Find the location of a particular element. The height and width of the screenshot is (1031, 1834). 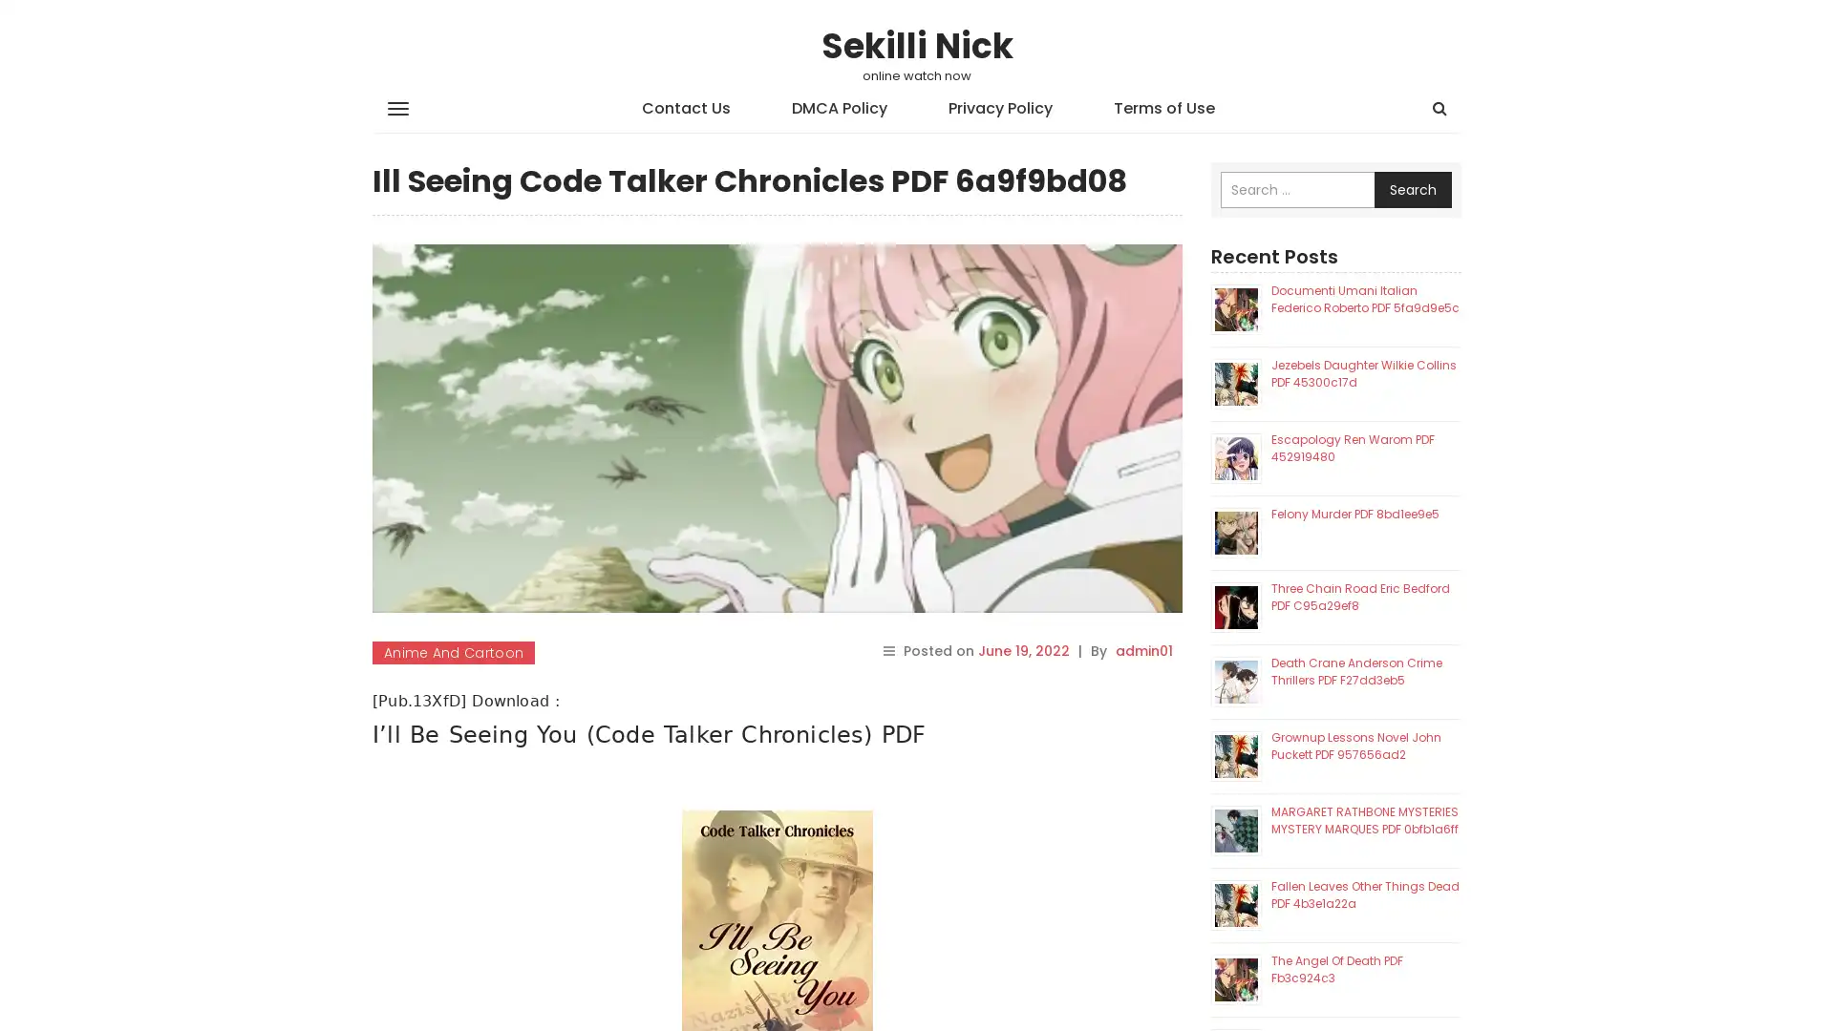

Search is located at coordinates (1413, 190).